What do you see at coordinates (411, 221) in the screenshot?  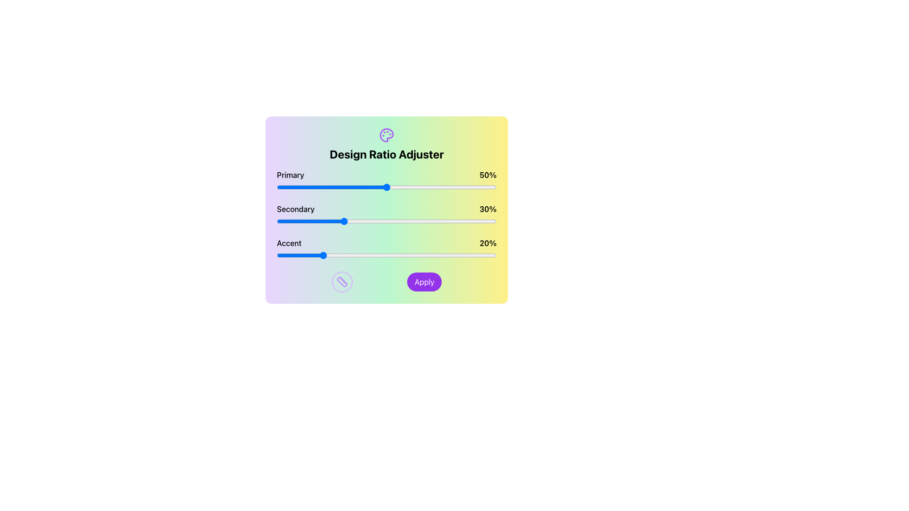 I see `the secondary slider value` at bounding box center [411, 221].